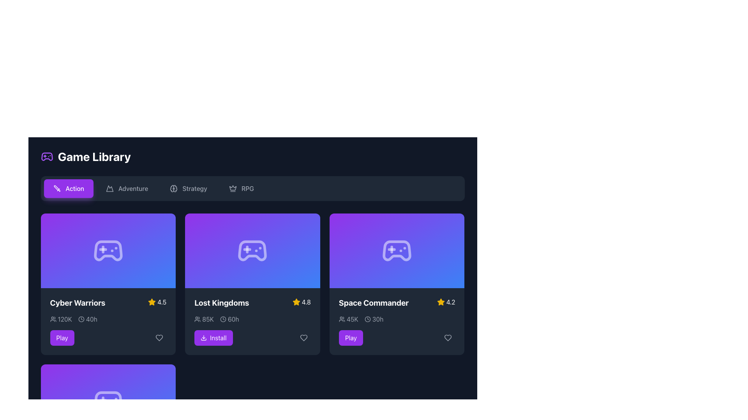  Describe the element at coordinates (53, 319) in the screenshot. I see `the user group icon, which is a rounded shape with two smaller inner circles, located to the left of the text '120K' in the 'Cyber Warriors' card` at that location.